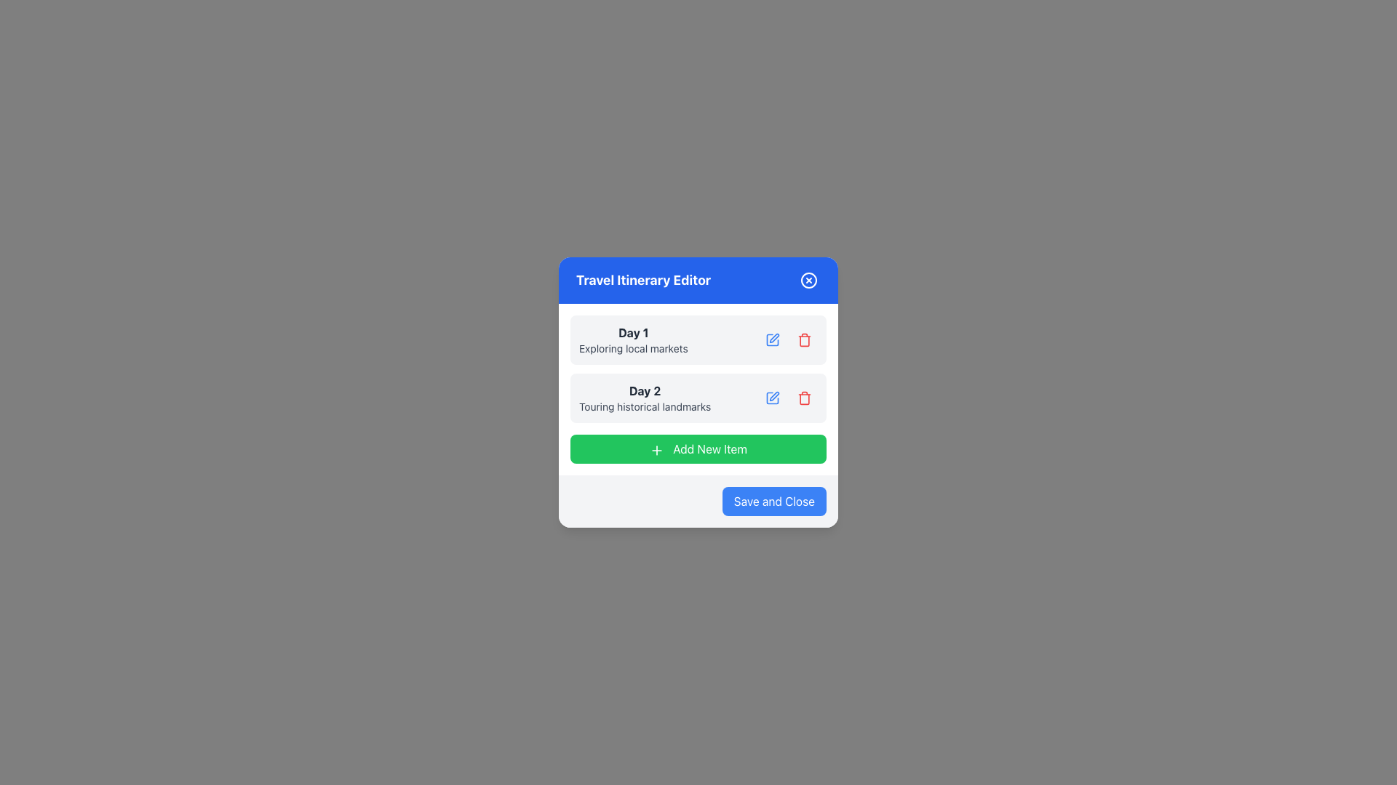 This screenshot has height=785, width=1397. Describe the element at coordinates (633, 333) in the screenshot. I see `the text label displaying 'Day 1' in bold font and dark gray color within the 'Travel Itinerary Editor' modal` at that location.